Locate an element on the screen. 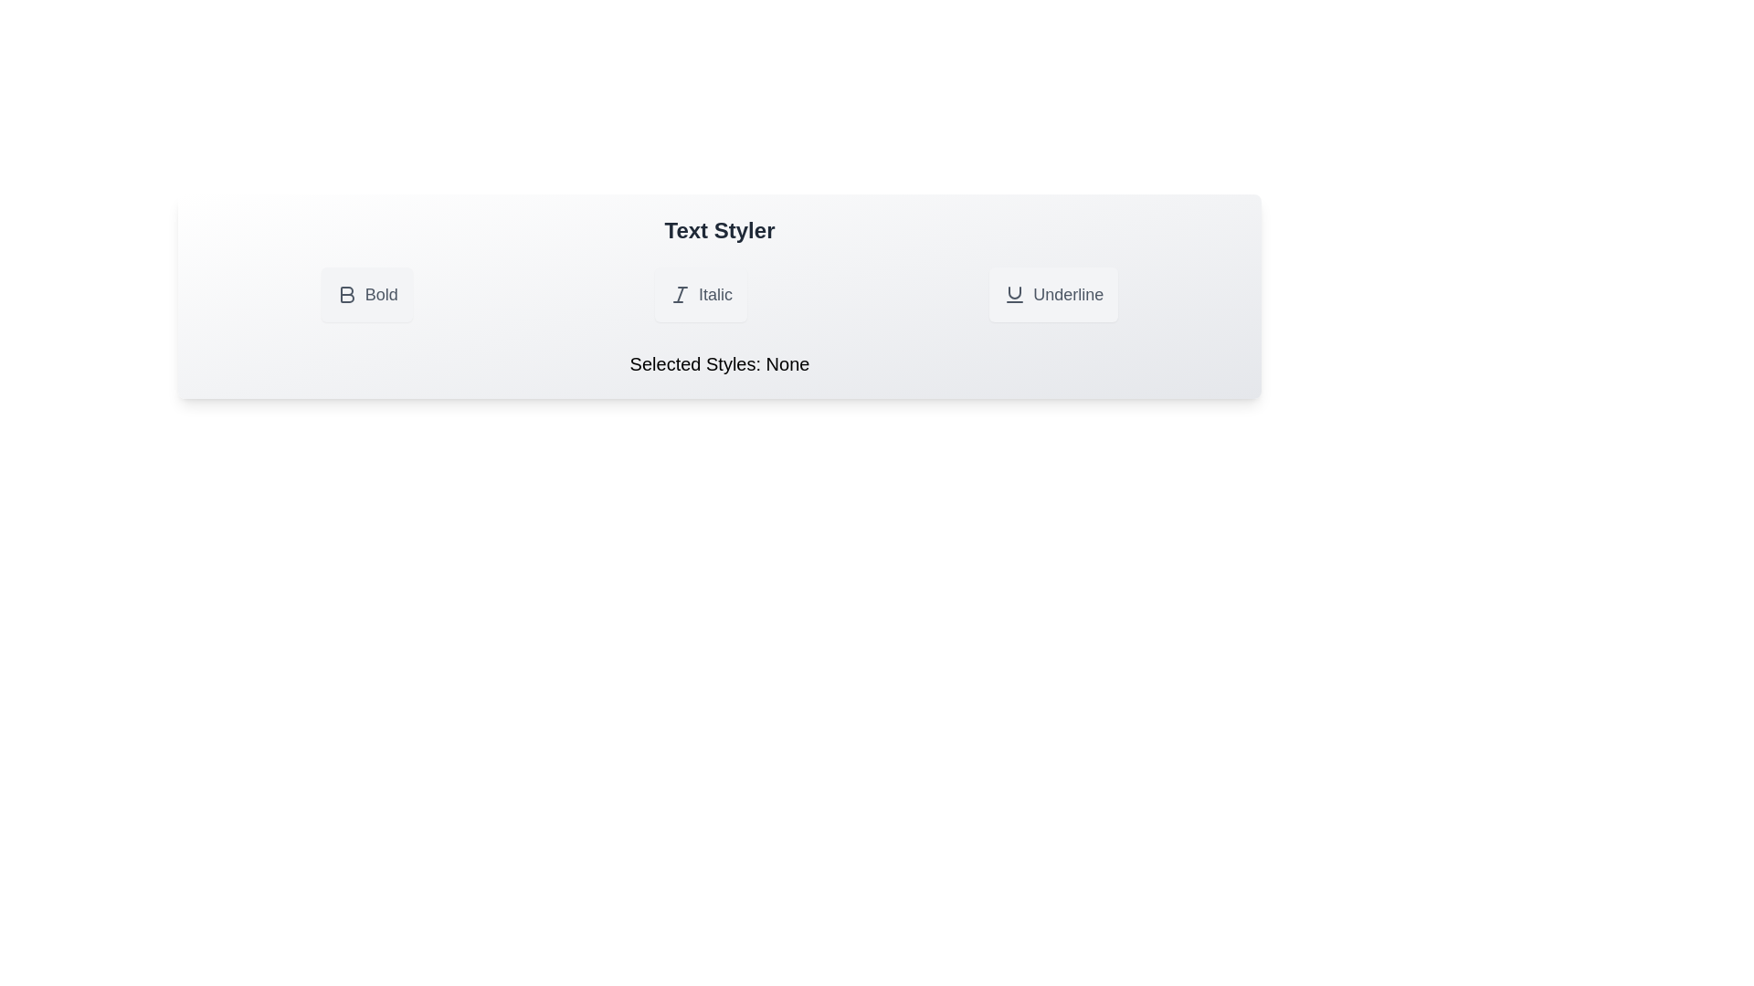 The width and height of the screenshot is (1754, 986). the 'Italic' button to toggle the italic style for the text is located at coordinates (700, 294).